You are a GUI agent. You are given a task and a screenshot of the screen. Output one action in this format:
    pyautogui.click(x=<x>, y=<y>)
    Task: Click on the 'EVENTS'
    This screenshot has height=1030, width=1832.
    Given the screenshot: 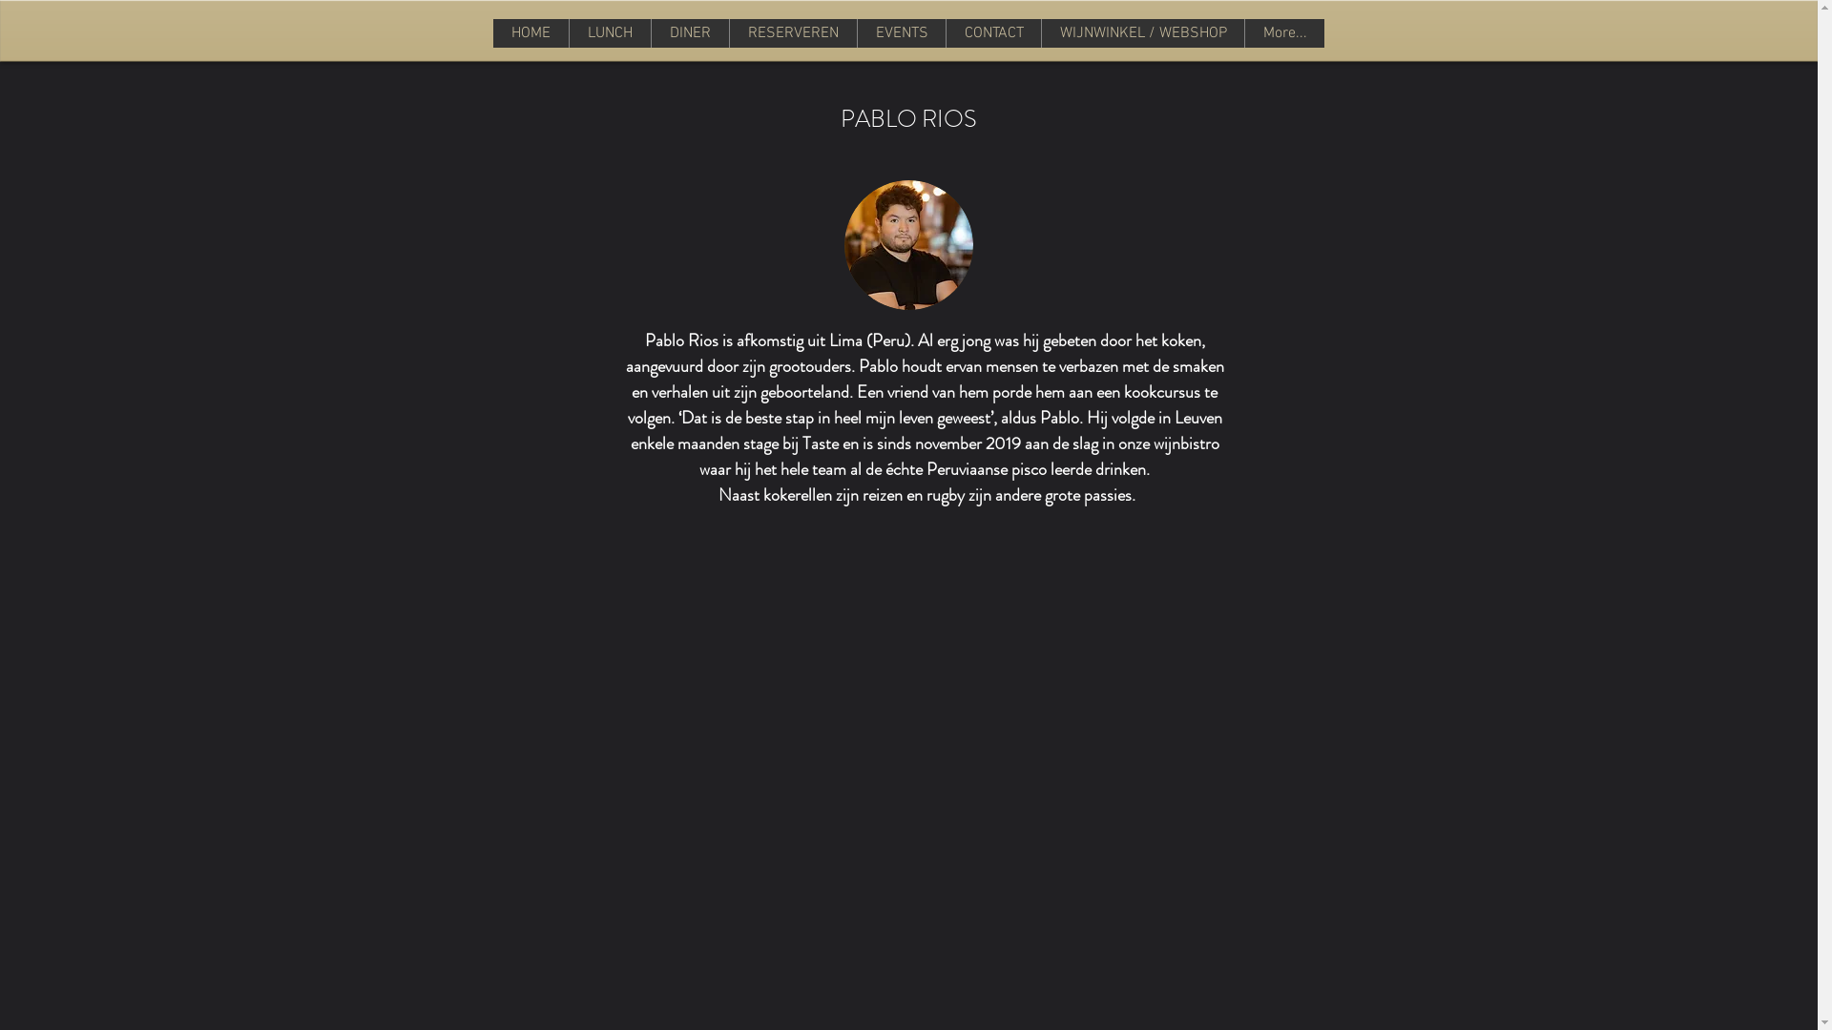 What is the action you would take?
    pyautogui.click(x=900, y=32)
    